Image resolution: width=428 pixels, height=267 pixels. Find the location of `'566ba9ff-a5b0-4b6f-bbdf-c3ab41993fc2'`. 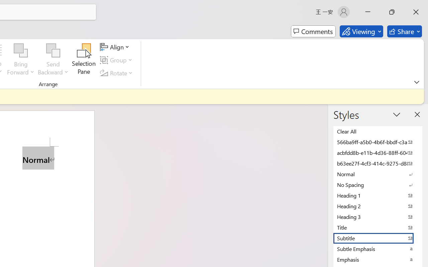

'566ba9ff-a5b0-4b6f-bbdf-c3ab41993fc2' is located at coordinates (378, 142).